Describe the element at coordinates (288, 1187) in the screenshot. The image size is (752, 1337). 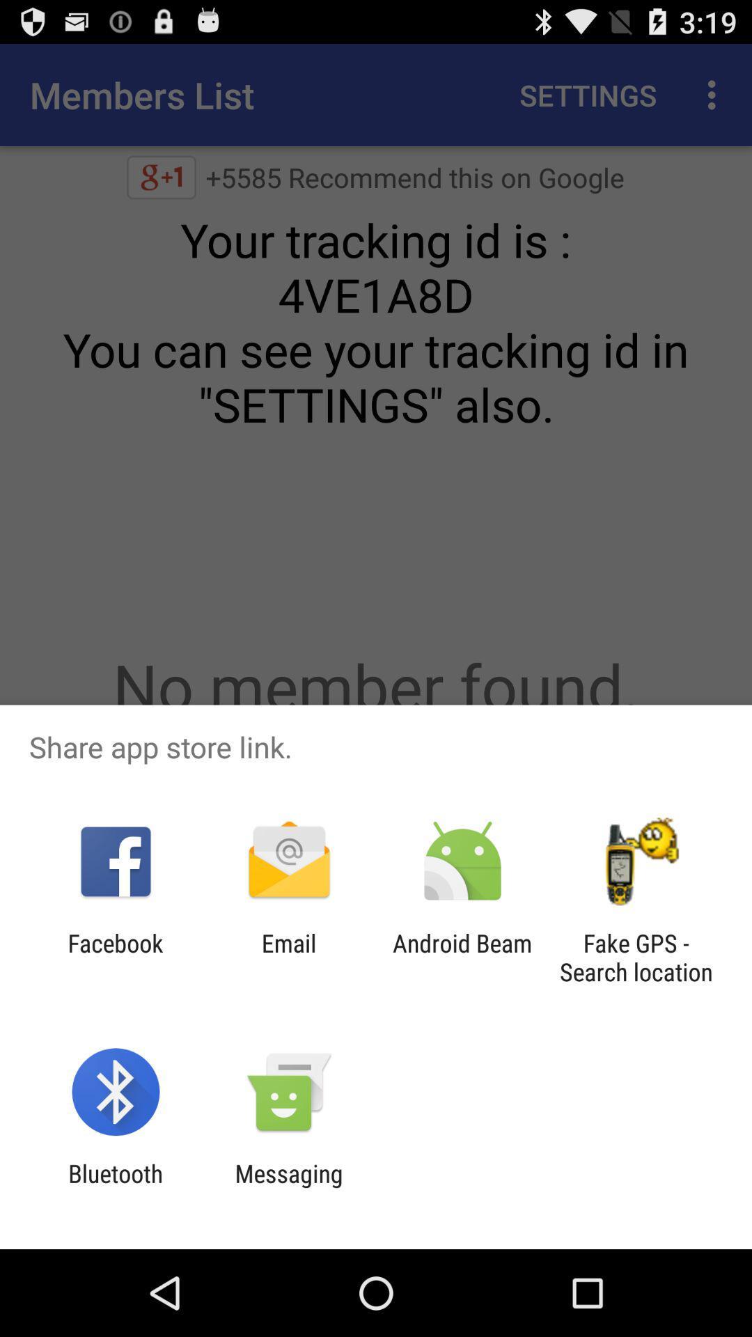
I see `icon next to bluetooth app` at that location.